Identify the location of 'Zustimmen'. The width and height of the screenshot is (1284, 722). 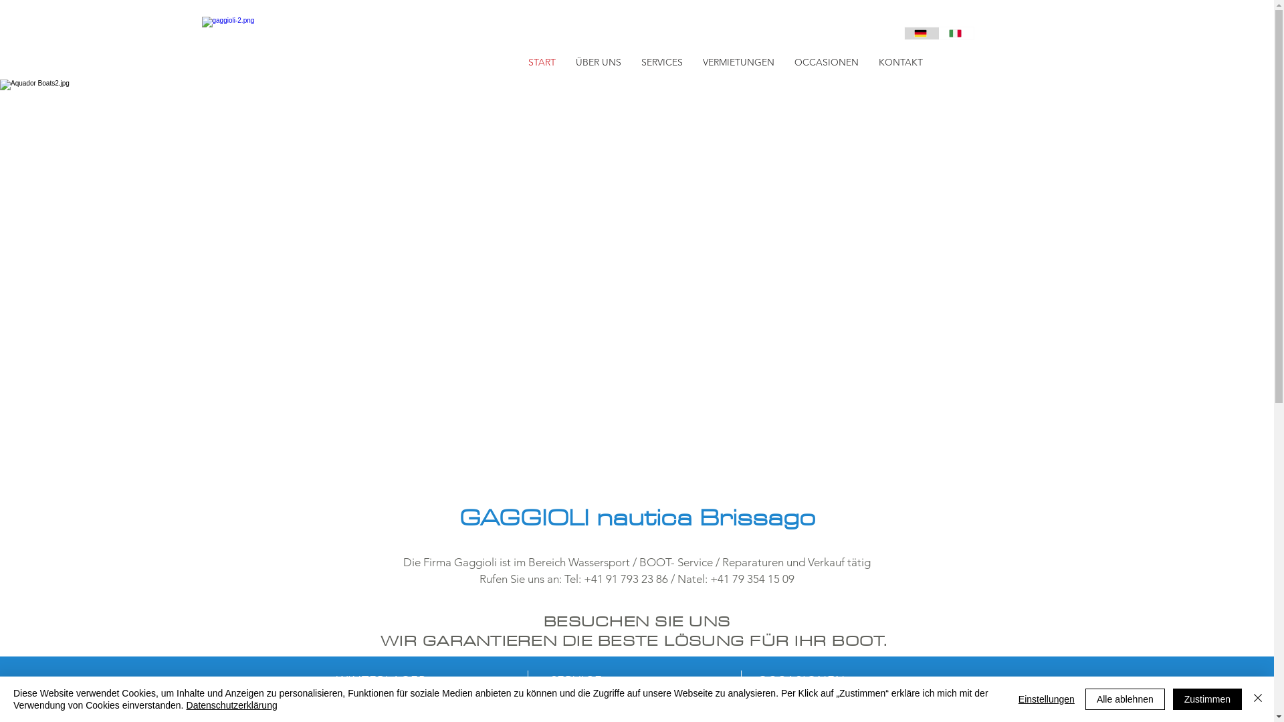
(1207, 698).